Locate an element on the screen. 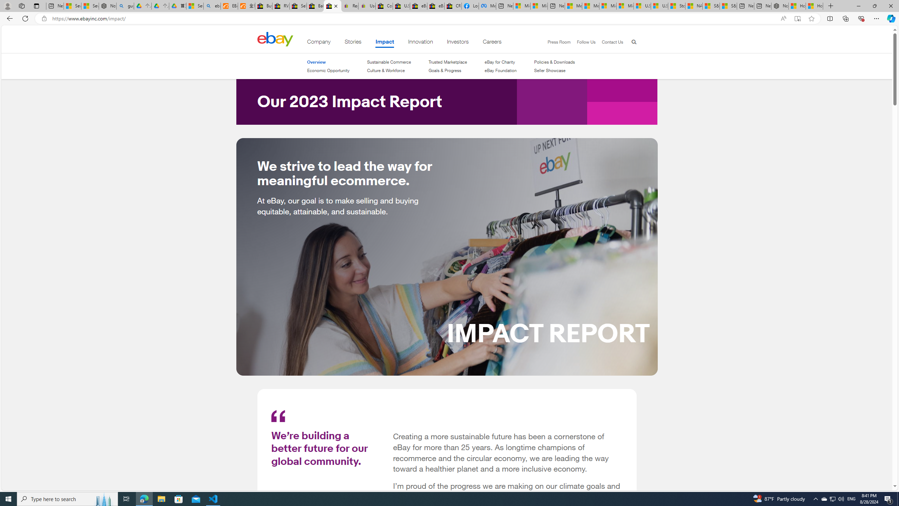  'Trusted Marketplace' is located at coordinates (448, 62).